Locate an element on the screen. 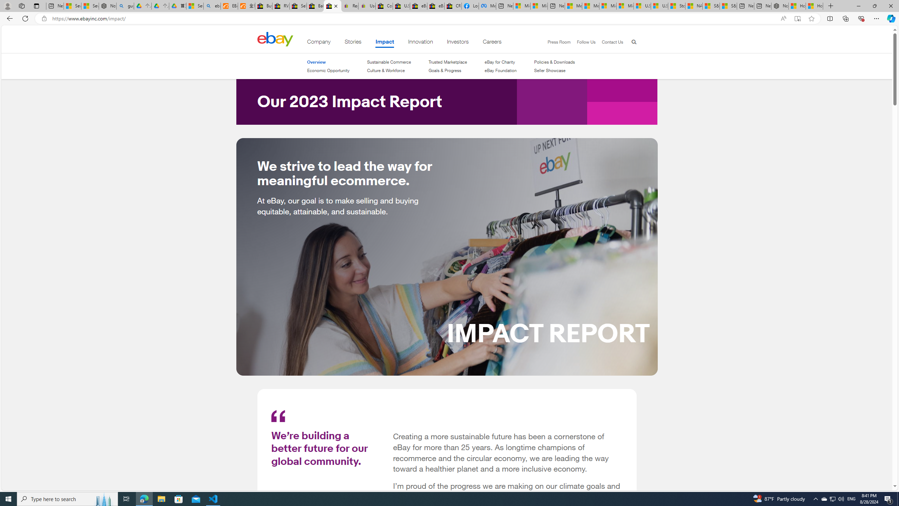  'Trusted Marketplace' is located at coordinates (448, 62).